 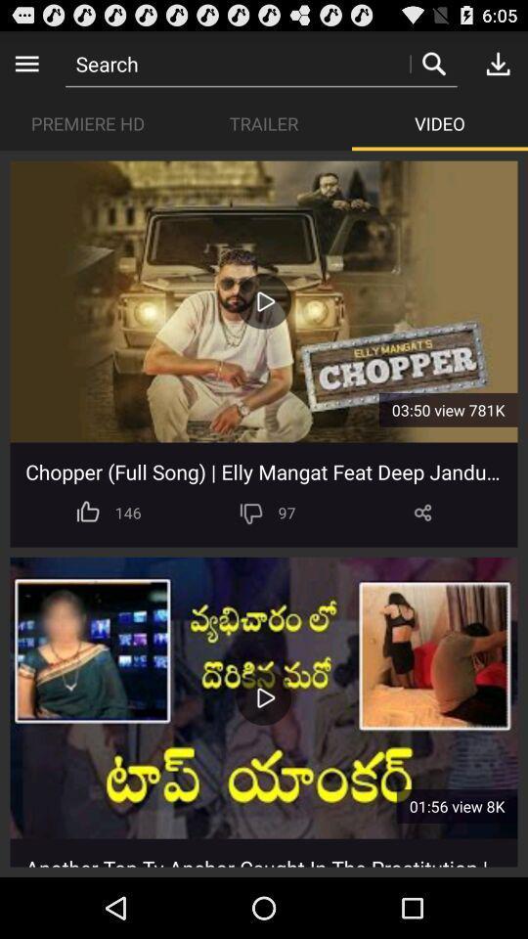 I want to click on the icon below the trailer, so click(x=263, y=301).